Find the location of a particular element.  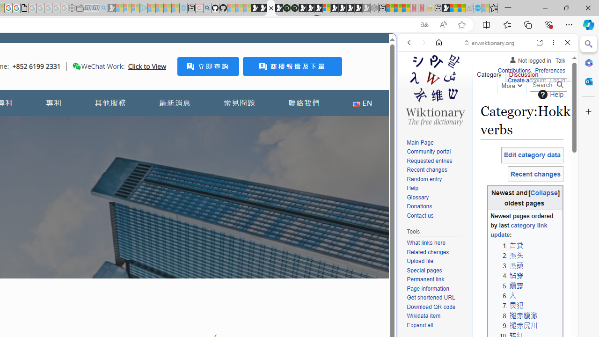

'What links here' is located at coordinates (437, 242).